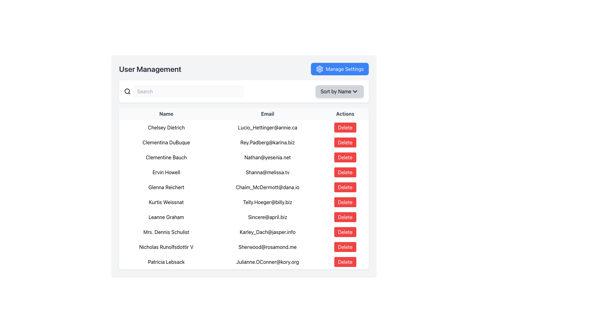  Describe the element at coordinates (345, 262) in the screenshot. I see `the red 'Delete' button with white text, located in the row for the user 'Julianne.OConner@kory.org'` at that location.